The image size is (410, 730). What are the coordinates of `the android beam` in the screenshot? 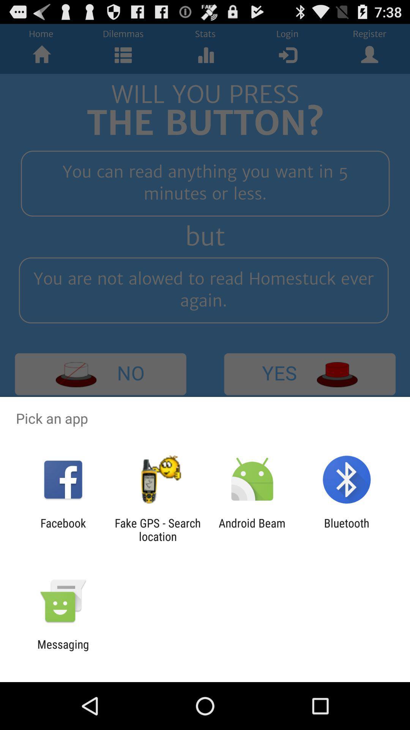 It's located at (252, 529).